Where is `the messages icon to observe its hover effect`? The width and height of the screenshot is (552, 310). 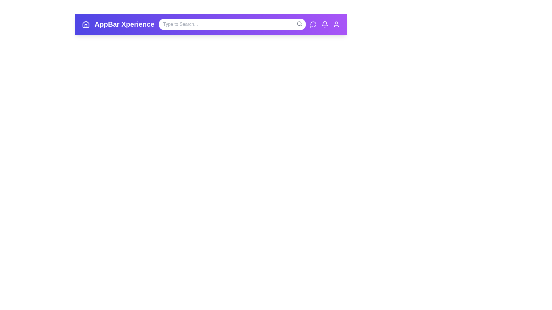
the messages icon to observe its hover effect is located at coordinates (313, 24).